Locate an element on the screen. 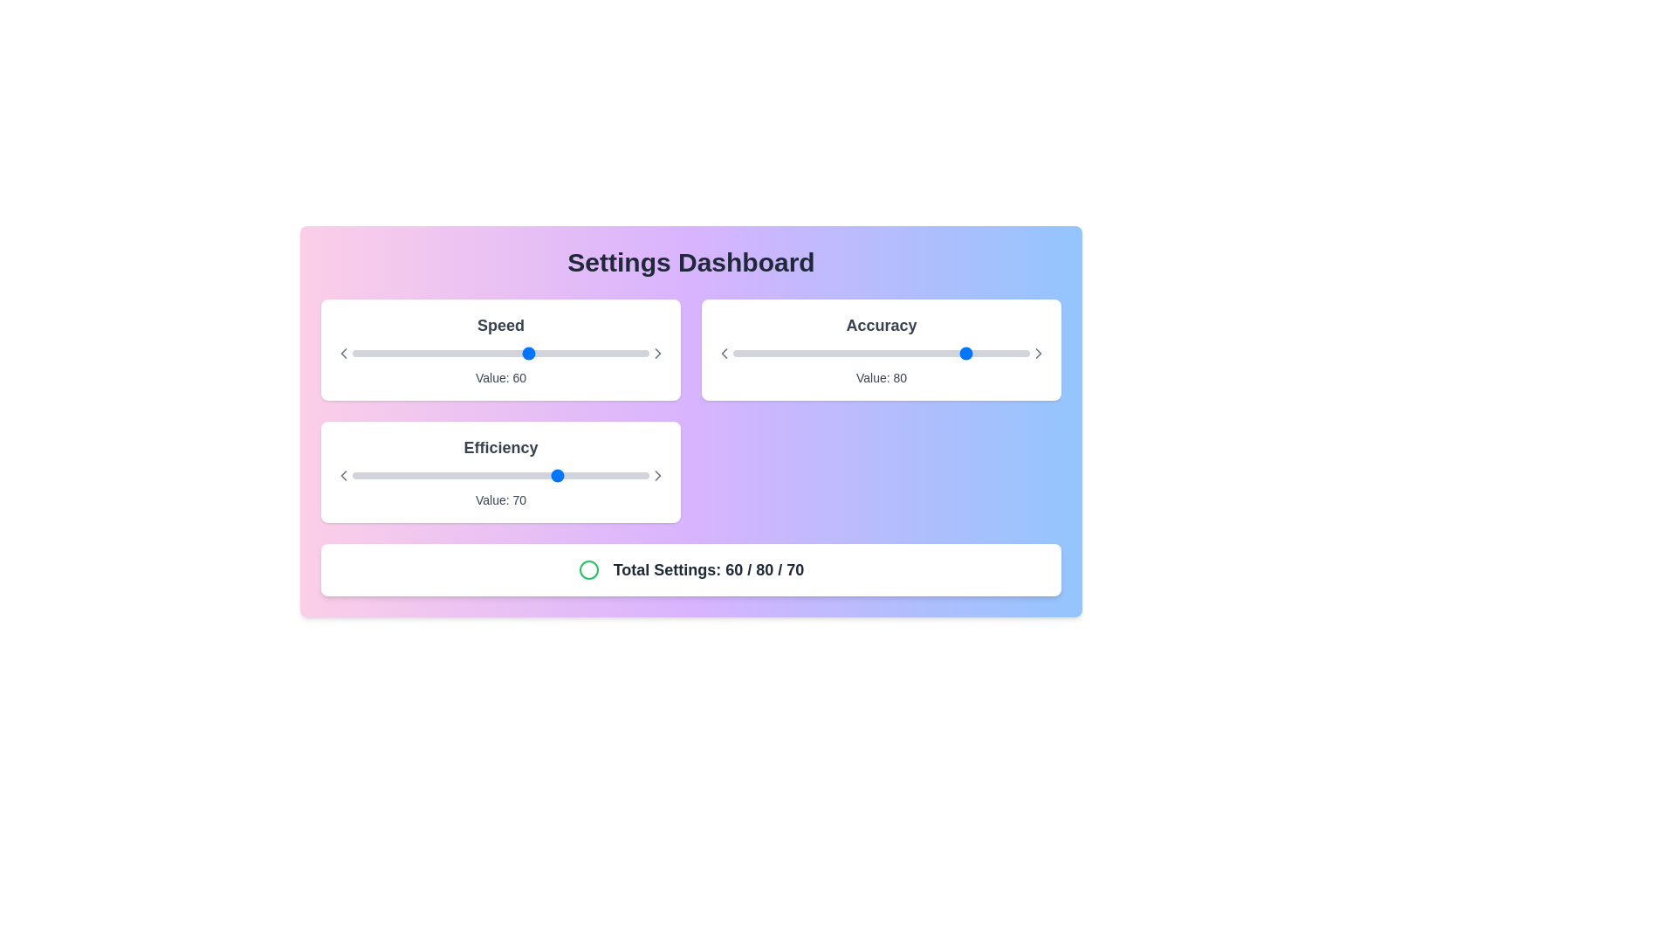 This screenshot has height=943, width=1676. the accuracy slider is located at coordinates (863, 354).